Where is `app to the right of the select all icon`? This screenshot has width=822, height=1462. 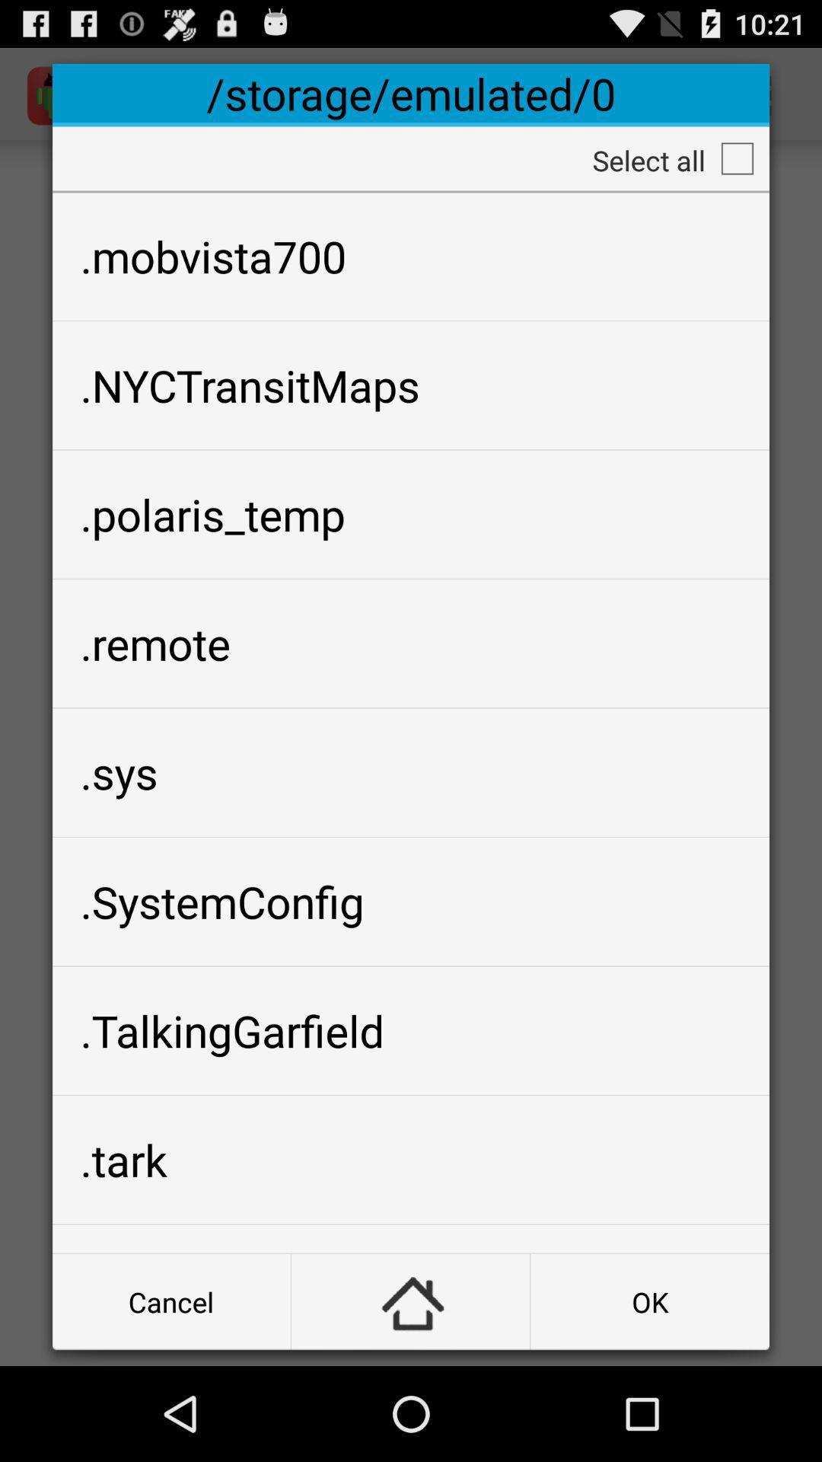
app to the right of the select all icon is located at coordinates (736, 158).